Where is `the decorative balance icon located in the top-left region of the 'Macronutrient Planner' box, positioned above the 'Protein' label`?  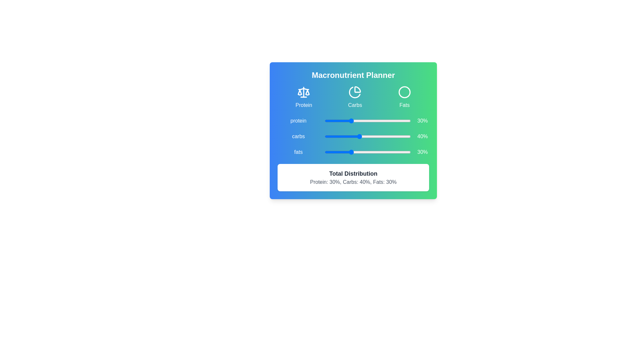
the decorative balance icon located in the top-left region of the 'Macronutrient Planner' box, positioned above the 'Protein' label is located at coordinates (303, 92).